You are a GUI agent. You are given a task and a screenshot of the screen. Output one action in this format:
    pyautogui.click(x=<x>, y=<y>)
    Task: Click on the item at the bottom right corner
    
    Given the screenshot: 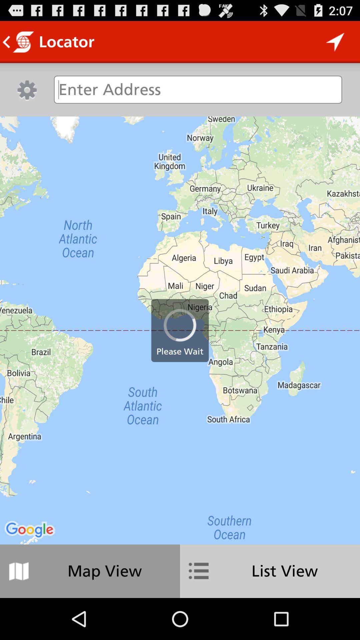 What is the action you would take?
    pyautogui.click(x=270, y=571)
    